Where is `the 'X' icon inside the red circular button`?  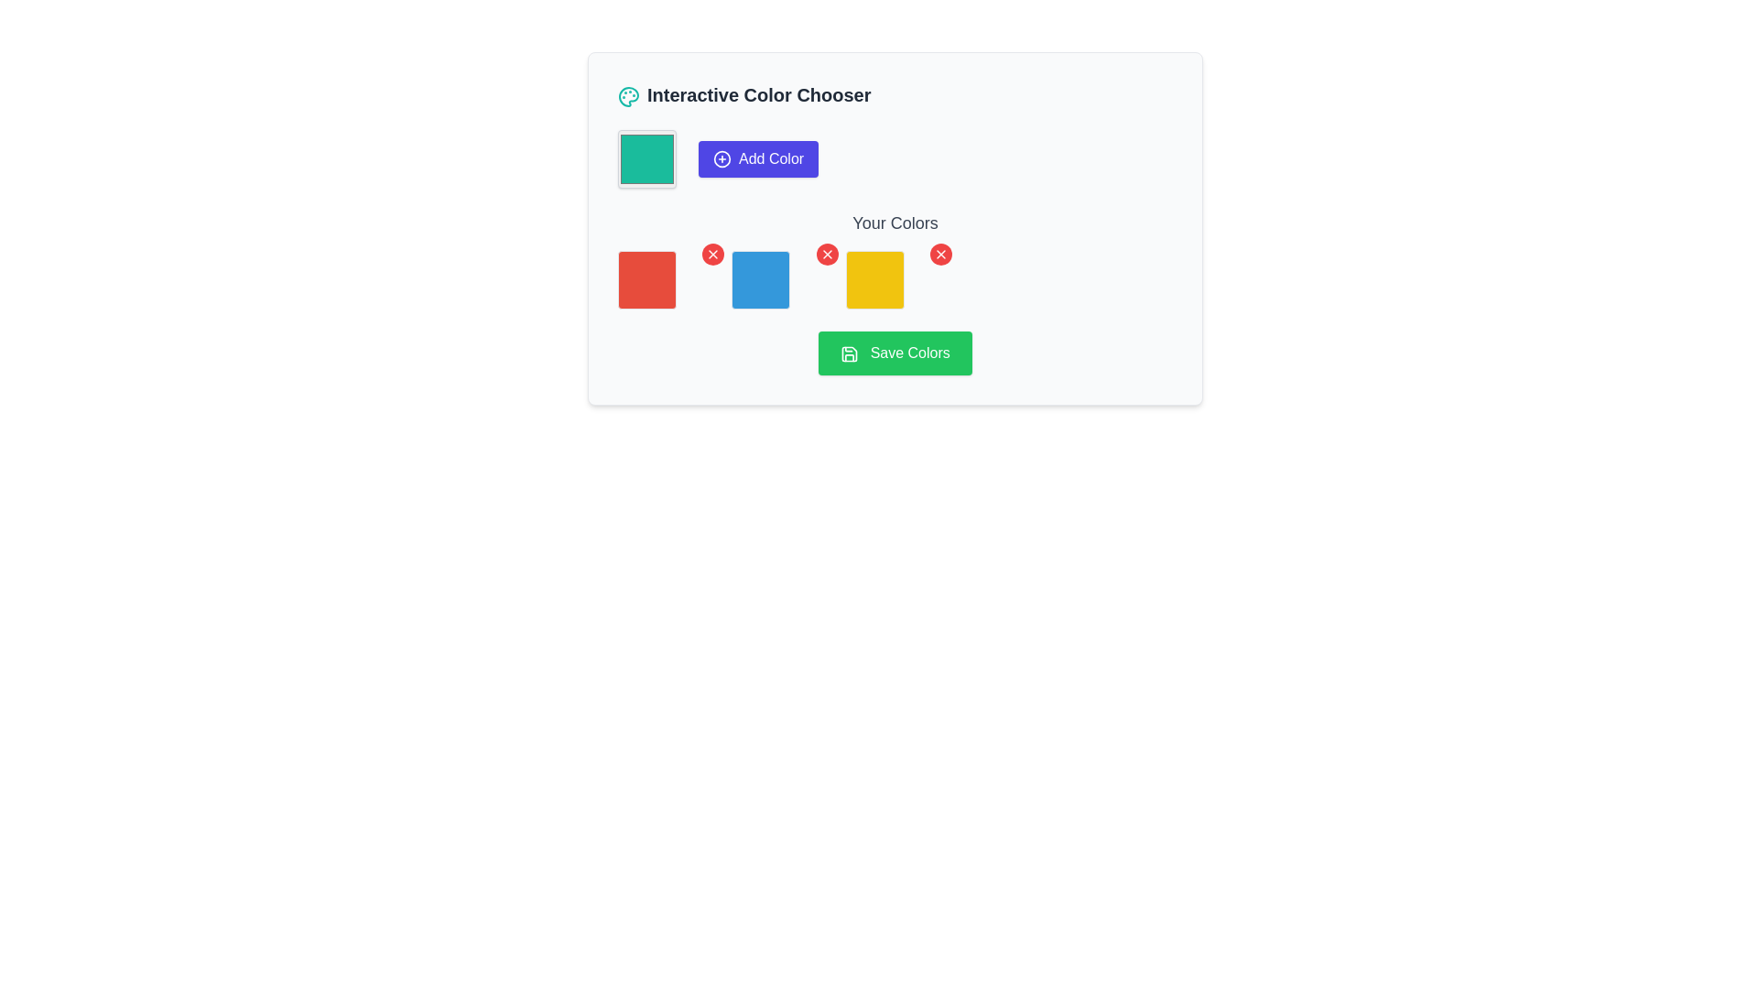 the 'X' icon inside the red circular button is located at coordinates (826, 254).